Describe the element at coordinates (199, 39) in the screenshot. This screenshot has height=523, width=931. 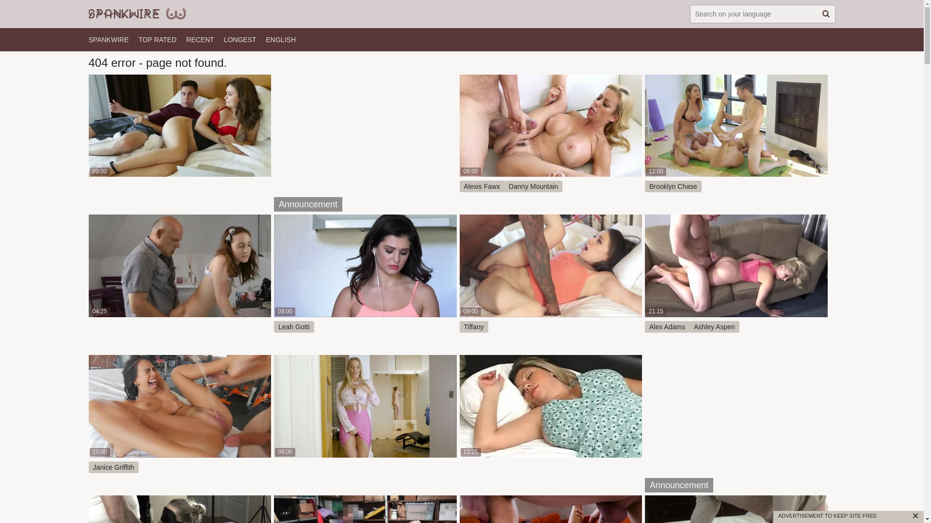
I see `'RECENT'` at that location.